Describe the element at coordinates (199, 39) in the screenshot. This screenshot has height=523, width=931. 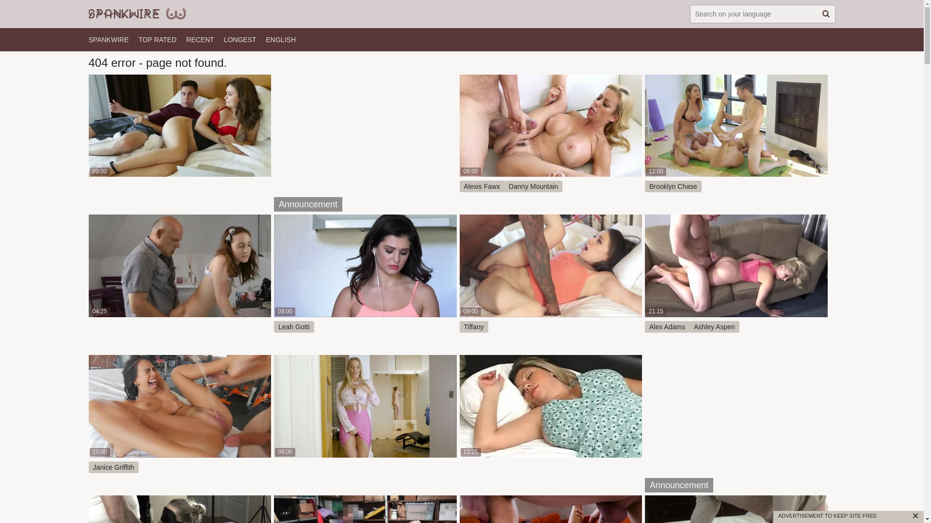
I see `'RECENT'` at that location.